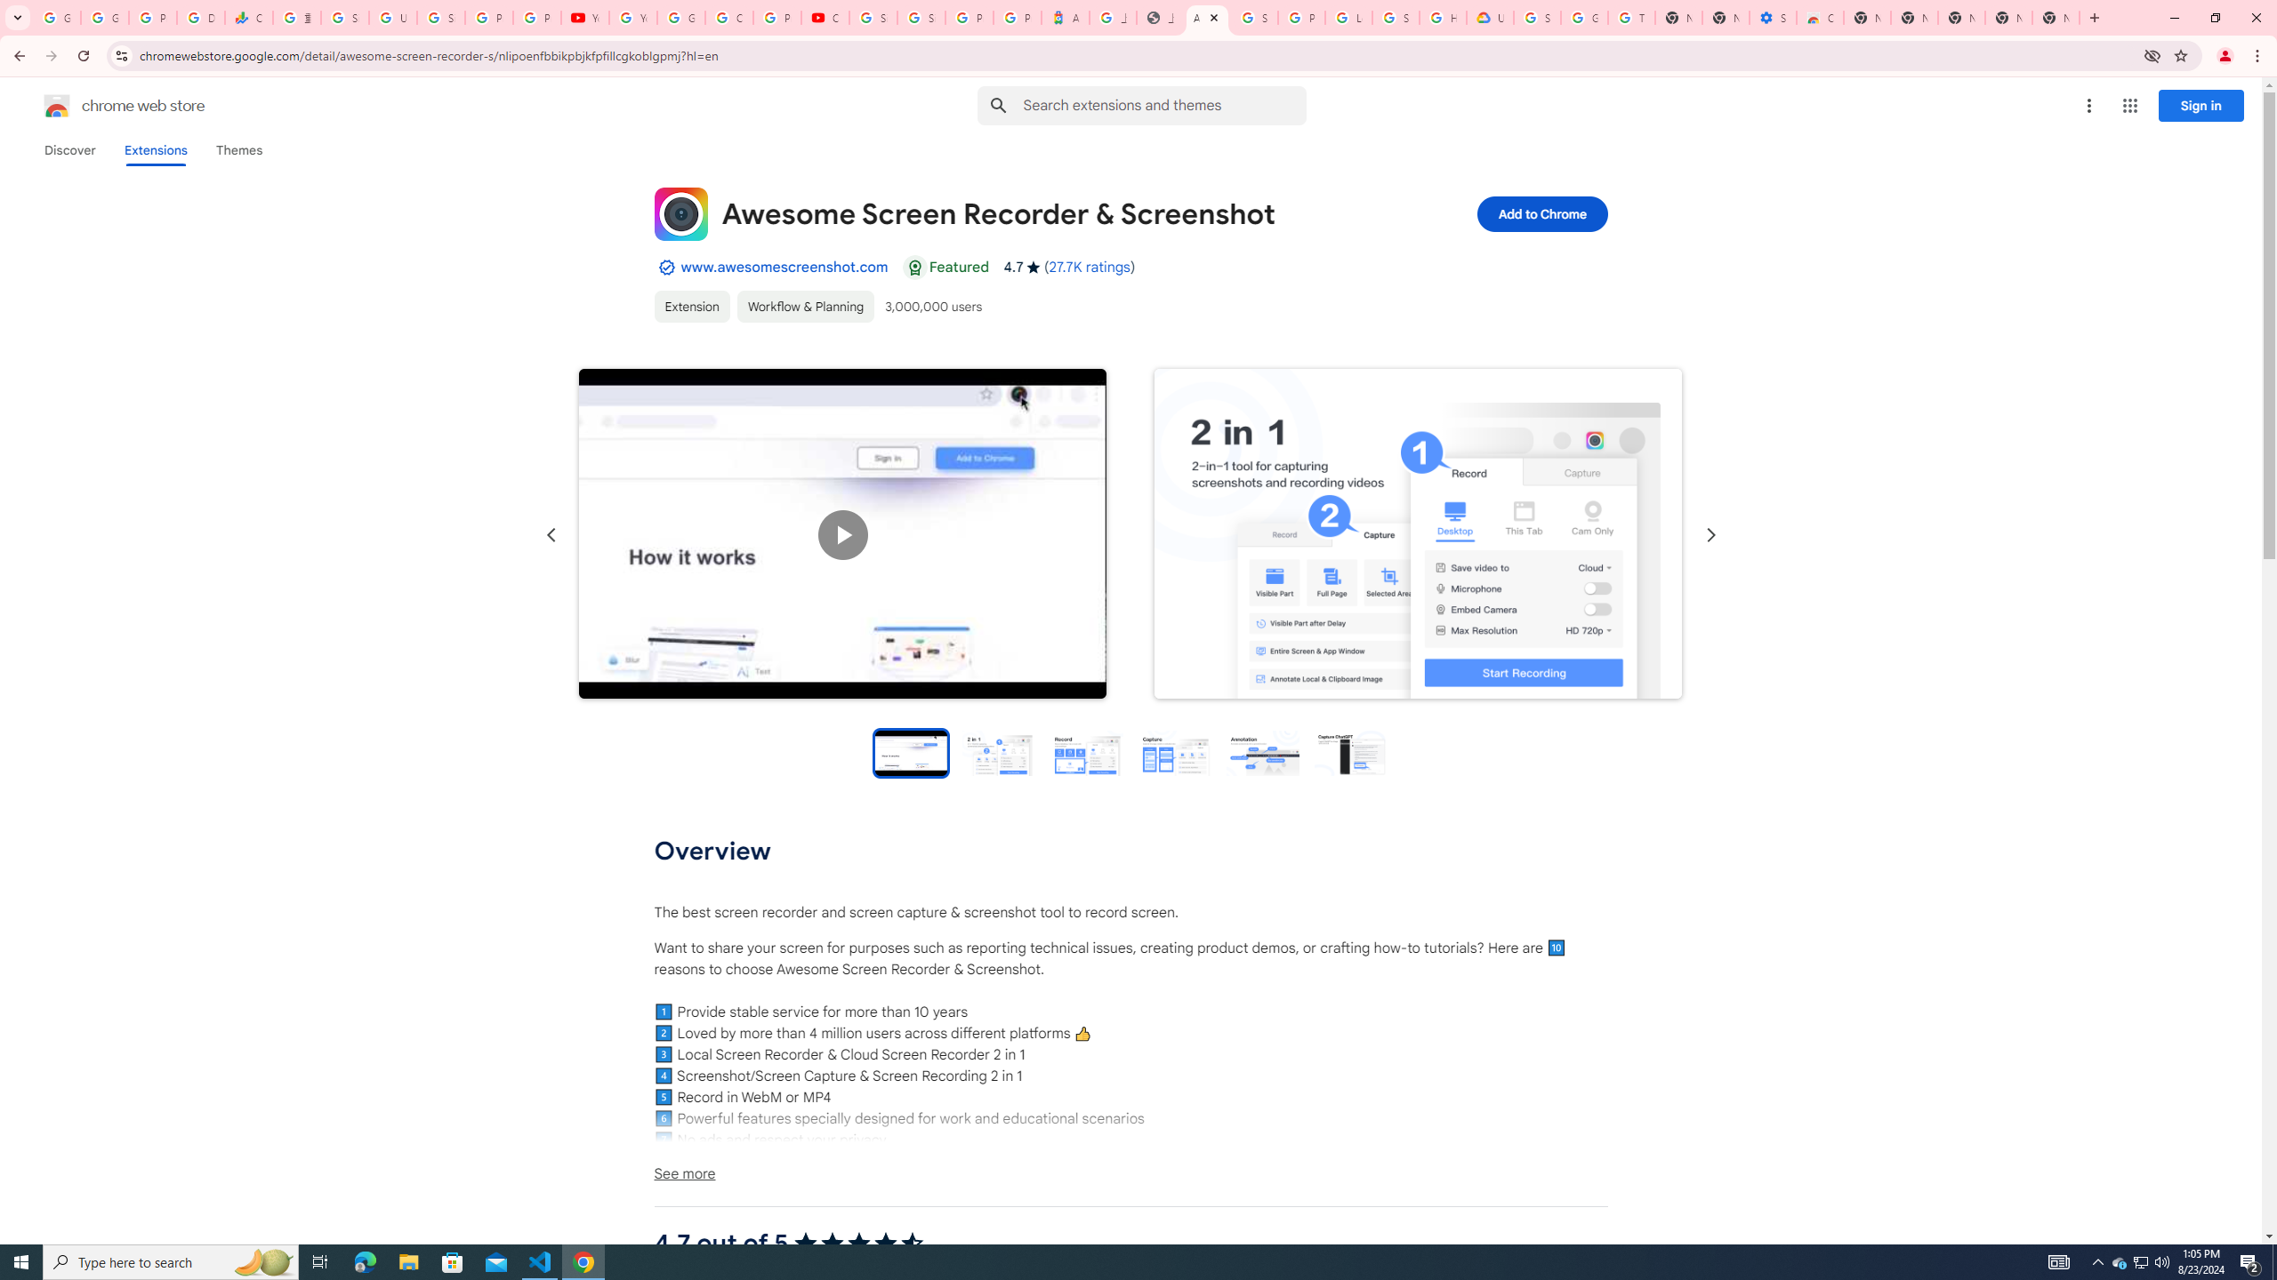 This screenshot has width=2277, height=1280. What do you see at coordinates (156, 149) in the screenshot?
I see `'Extensions'` at bounding box center [156, 149].